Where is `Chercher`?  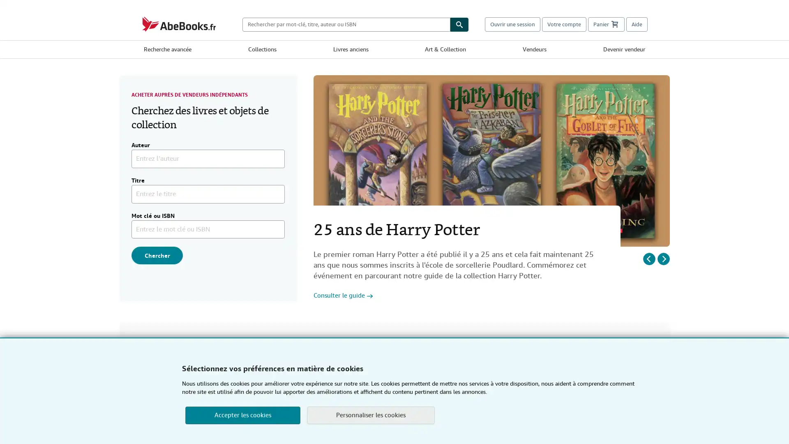 Chercher is located at coordinates (157, 255).